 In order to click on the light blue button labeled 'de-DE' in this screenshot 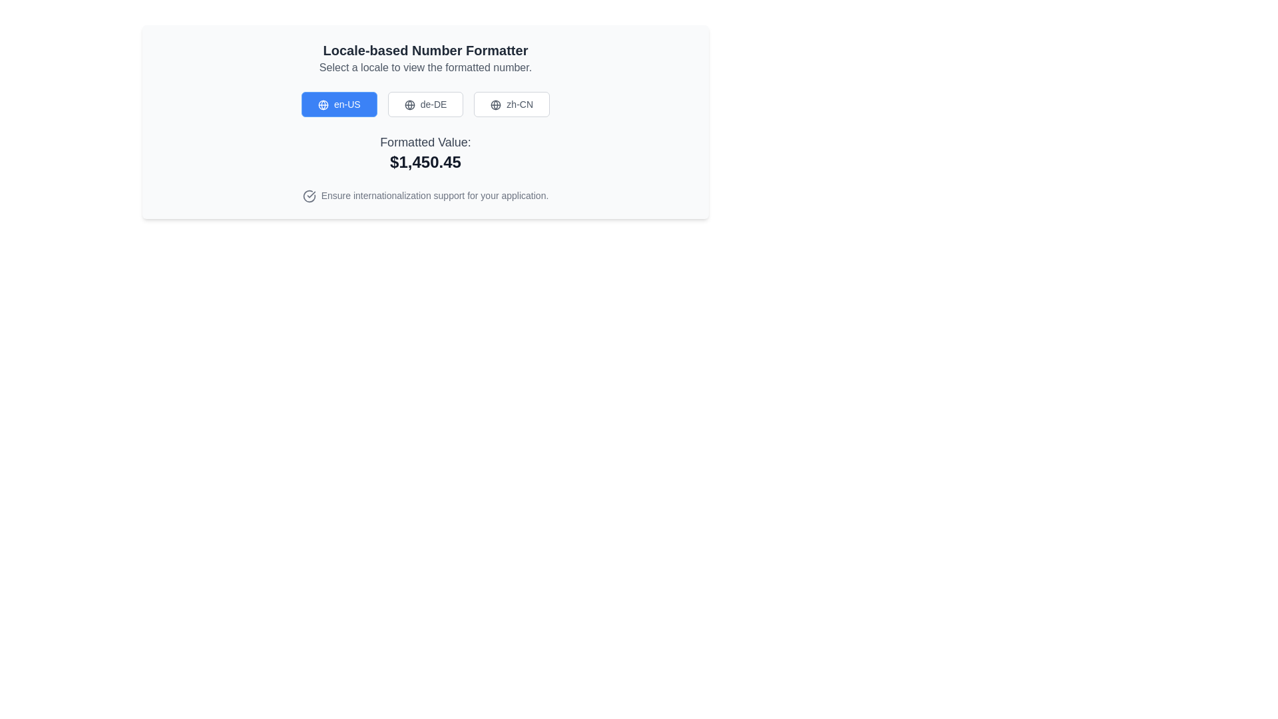, I will do `click(425, 122)`.